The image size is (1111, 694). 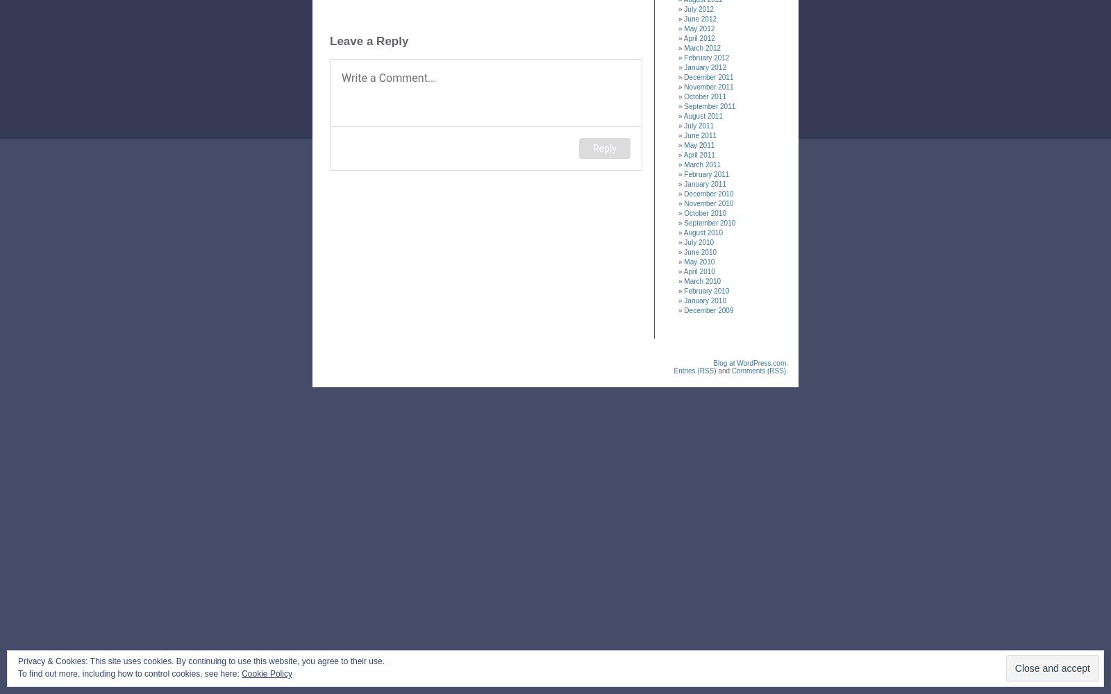 I want to click on 'December 2010', so click(x=708, y=194).